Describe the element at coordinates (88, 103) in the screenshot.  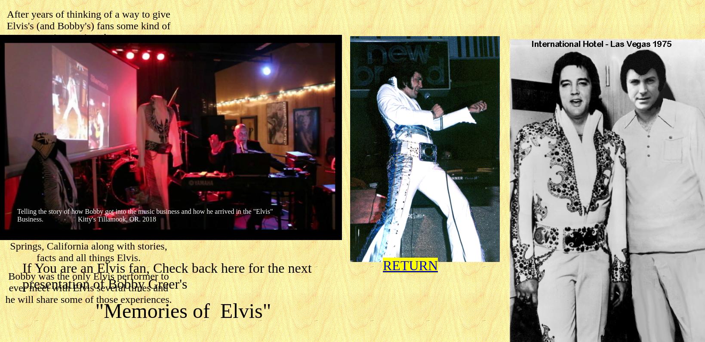
I see `'This show is a video production of Elvis's 
videos with clips of Bobby's Elvis shows of the past inserted here and there.'` at that location.